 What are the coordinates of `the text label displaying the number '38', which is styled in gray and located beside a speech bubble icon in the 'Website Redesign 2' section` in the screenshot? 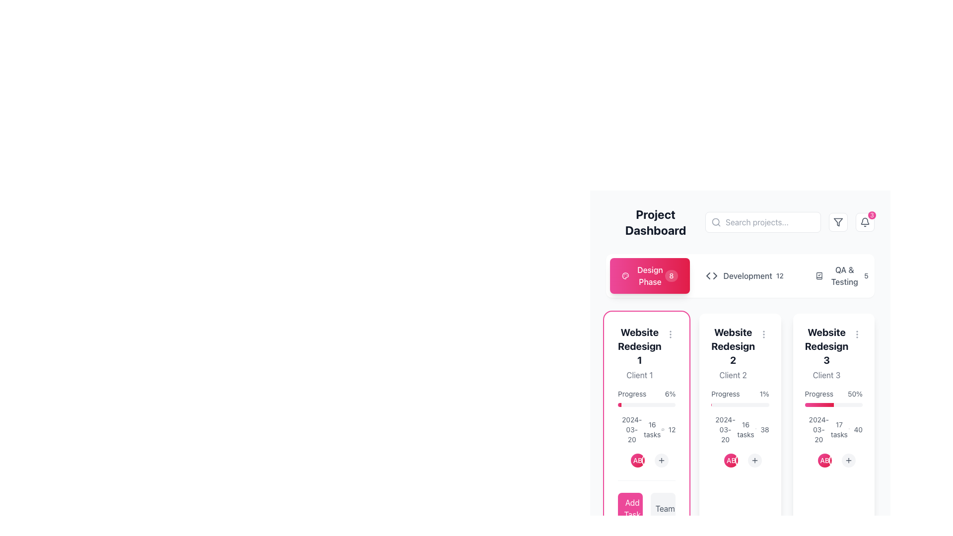 It's located at (761, 429).